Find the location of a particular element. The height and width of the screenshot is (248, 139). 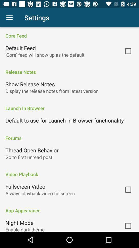

the item below the show release notes is located at coordinates (52, 91).